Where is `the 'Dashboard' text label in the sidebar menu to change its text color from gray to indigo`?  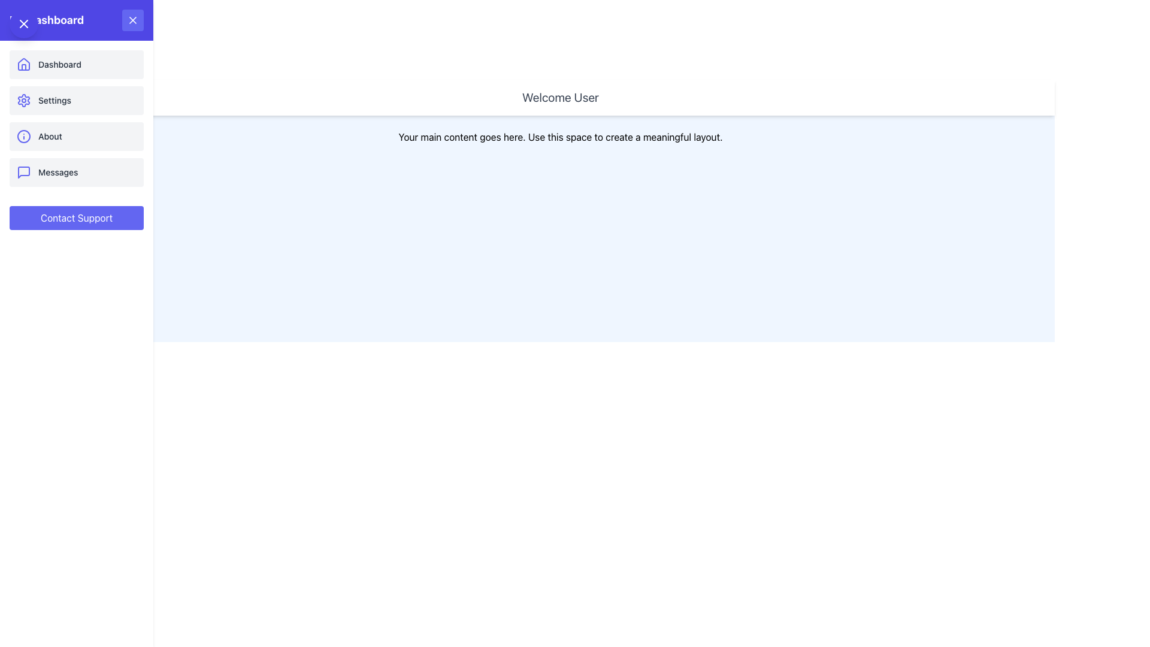
the 'Dashboard' text label in the sidebar menu to change its text color from gray to indigo is located at coordinates (59, 65).